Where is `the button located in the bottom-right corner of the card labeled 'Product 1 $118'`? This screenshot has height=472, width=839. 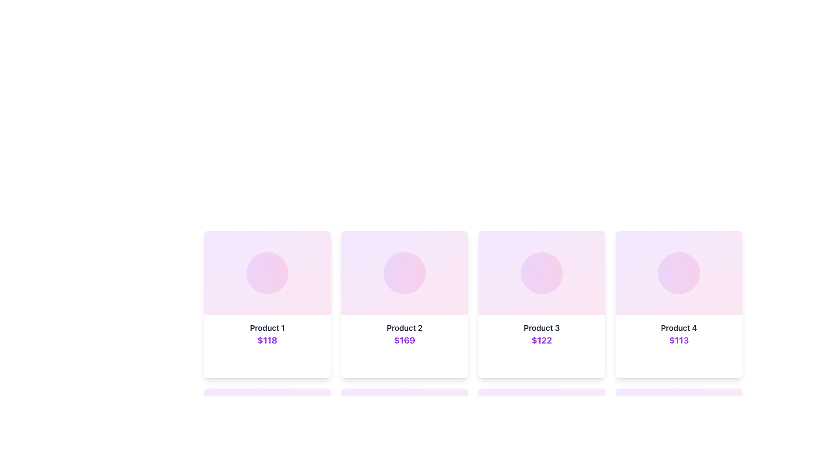 the button located in the bottom-right corner of the card labeled 'Product 1 $118' is located at coordinates (316, 362).